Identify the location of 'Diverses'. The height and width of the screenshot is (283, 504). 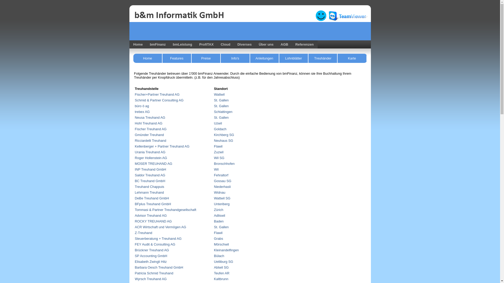
(243, 44).